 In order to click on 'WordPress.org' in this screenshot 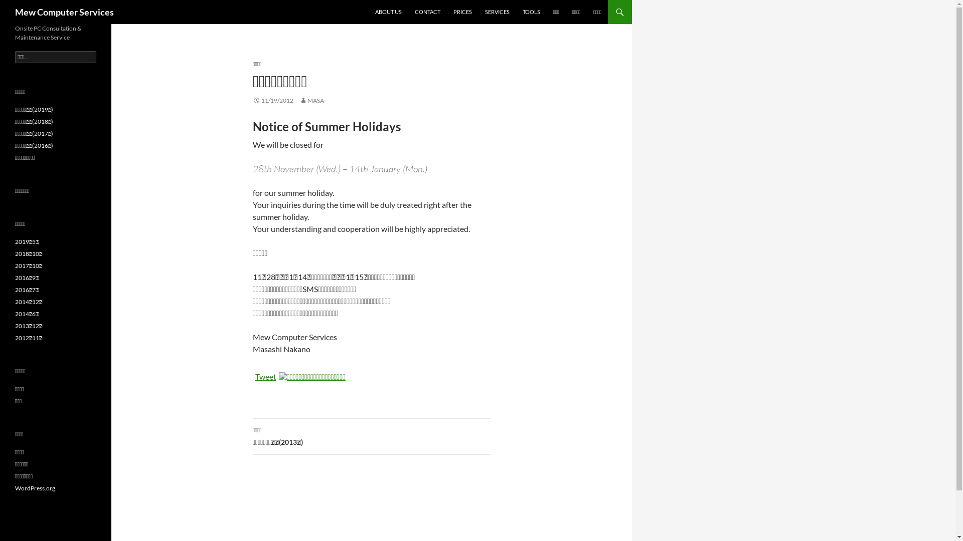, I will do `click(35, 487)`.